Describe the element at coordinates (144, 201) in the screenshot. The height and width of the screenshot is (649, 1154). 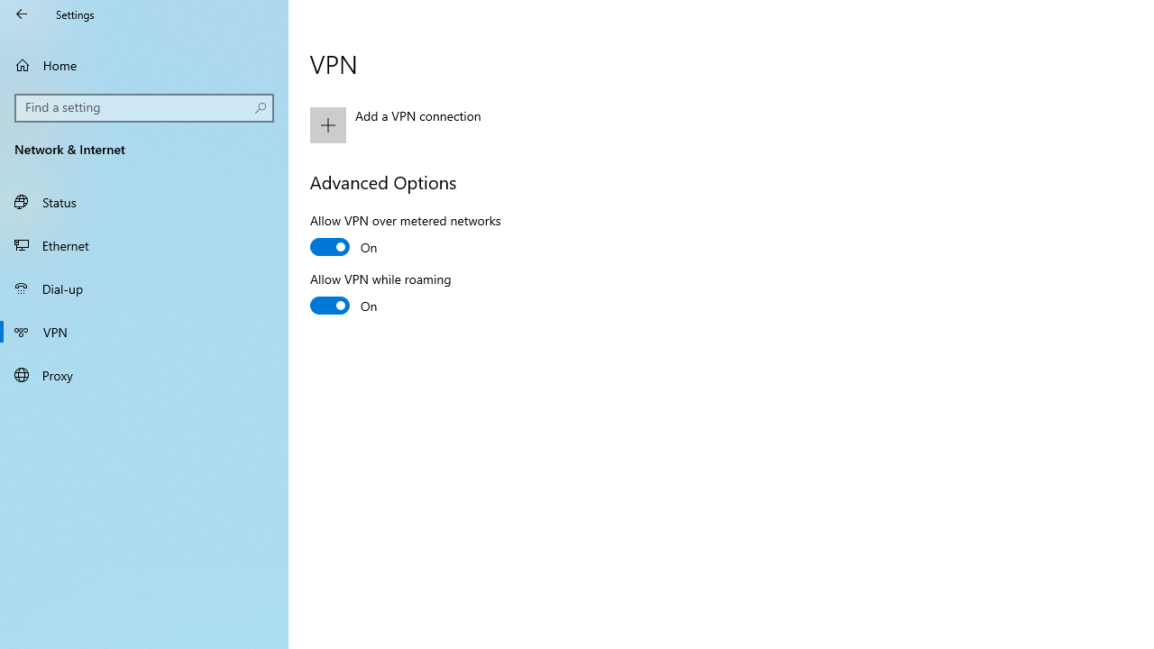
I see `'Status'` at that location.